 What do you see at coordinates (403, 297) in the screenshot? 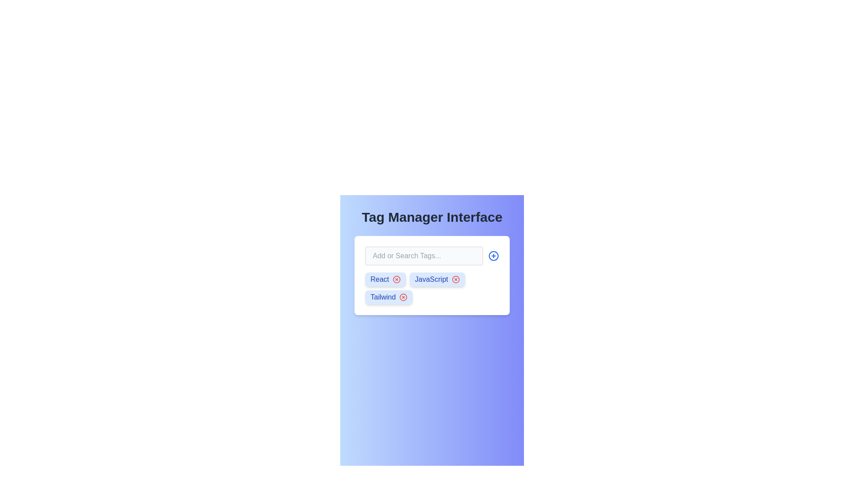
I see `the deletion button for the 'Tailwind' tag, which is positioned right-aligned to the tag text in the second row of selected tags` at bounding box center [403, 297].